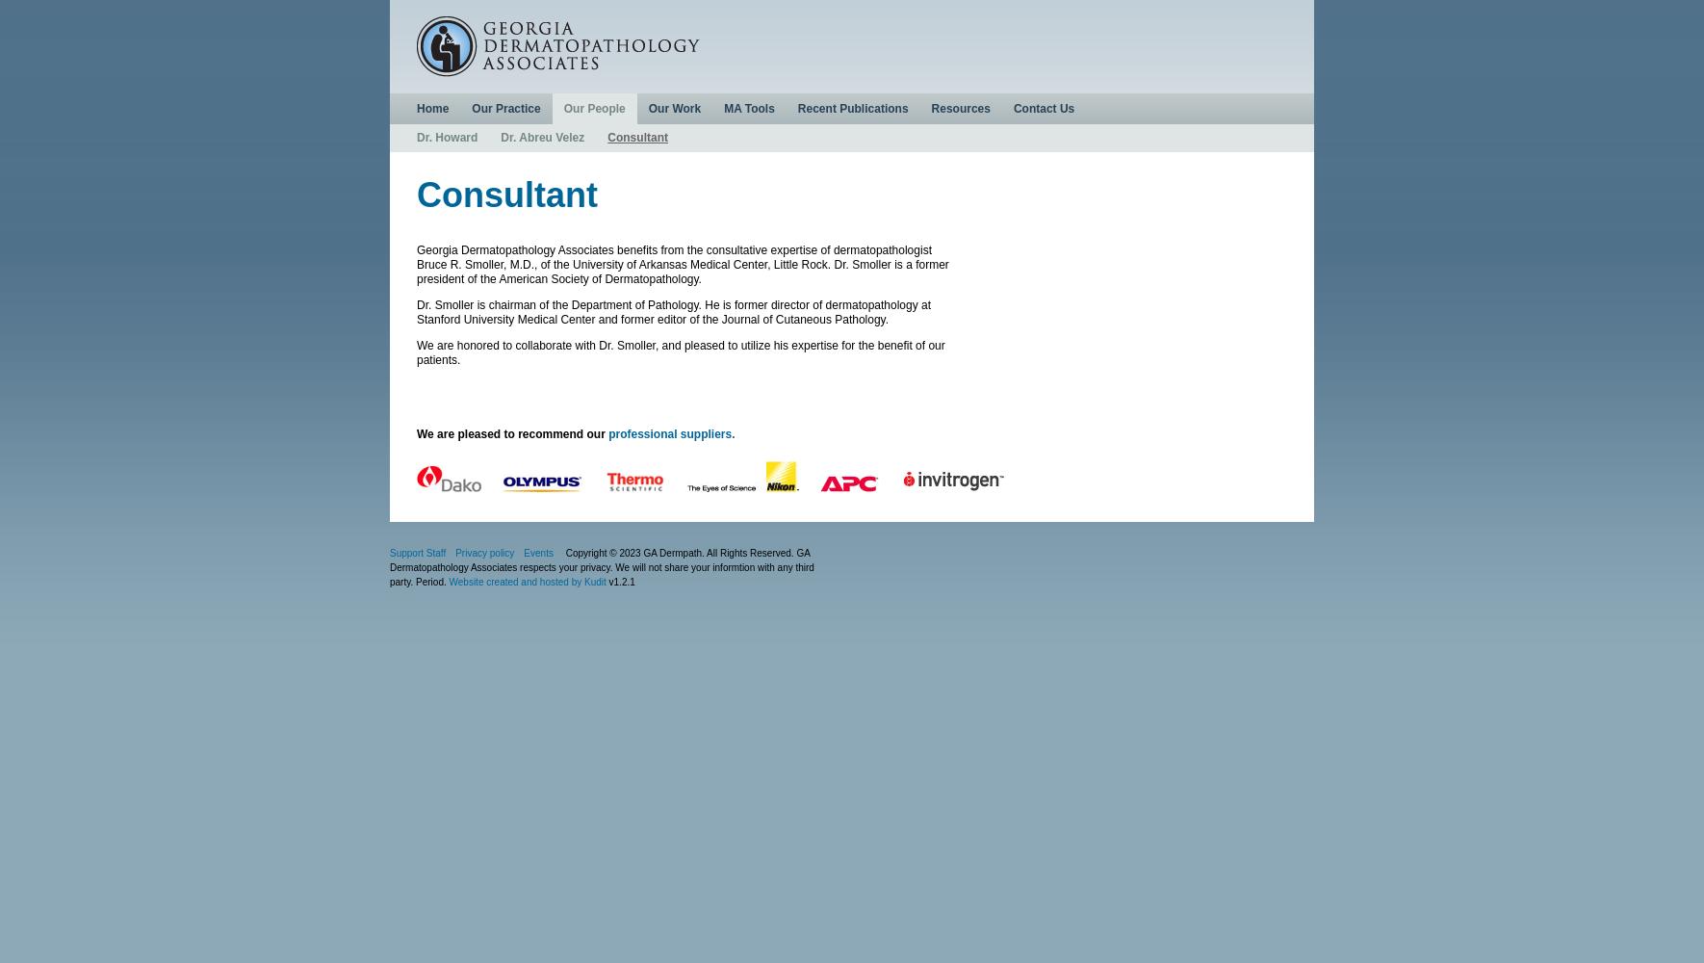 This screenshot has height=963, width=1704. I want to click on 'Consultant', so click(415, 194).